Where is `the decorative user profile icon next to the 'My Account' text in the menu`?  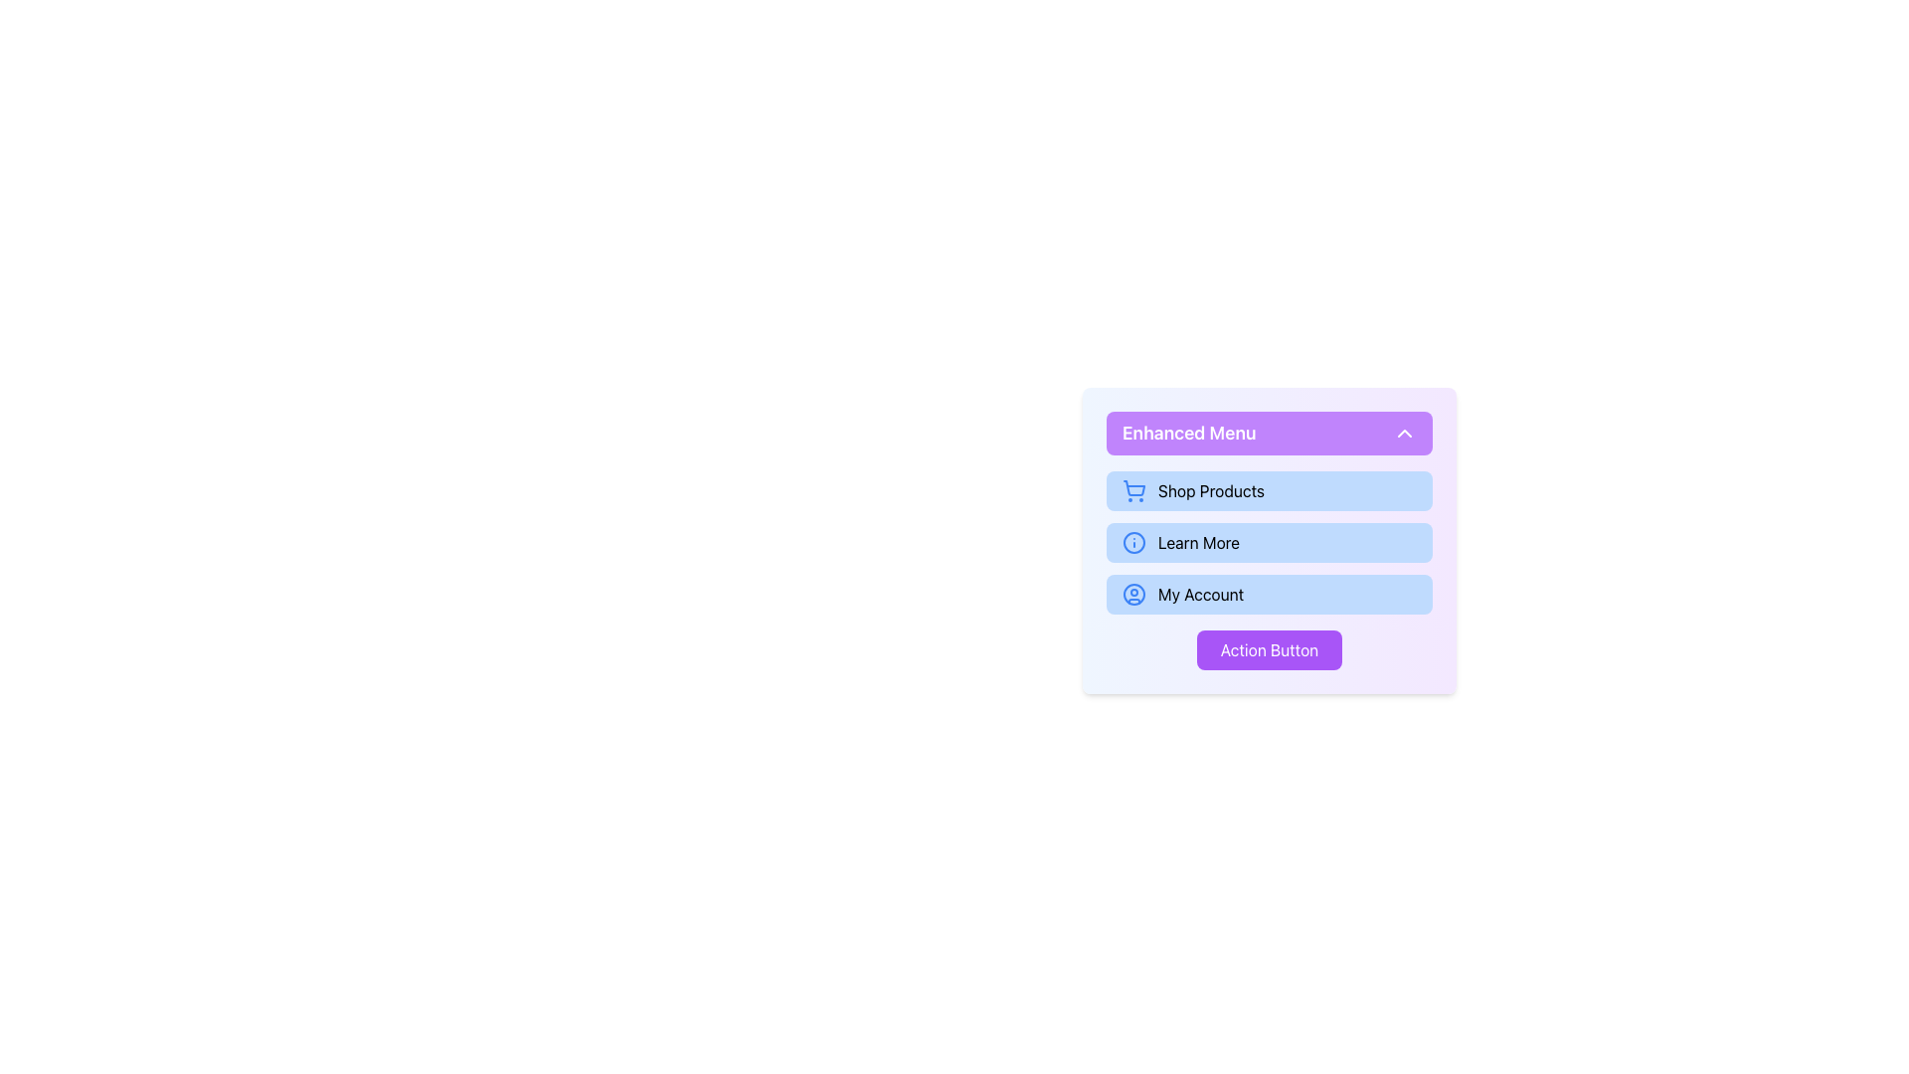 the decorative user profile icon next to the 'My Account' text in the menu is located at coordinates (1134, 593).